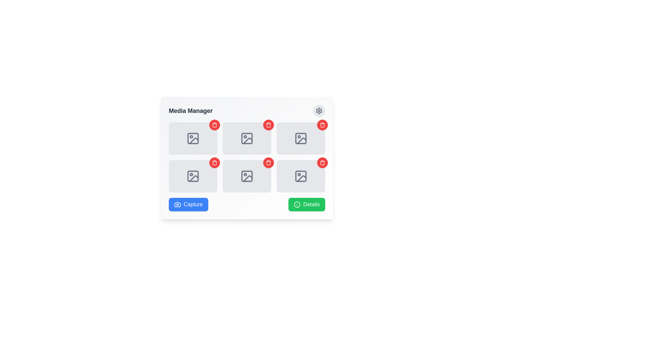 This screenshot has width=647, height=364. I want to click on the red circular button with a white trash can icon located at the top-right corner of the second image placeholder in the Media Manager interface, so click(322, 125).